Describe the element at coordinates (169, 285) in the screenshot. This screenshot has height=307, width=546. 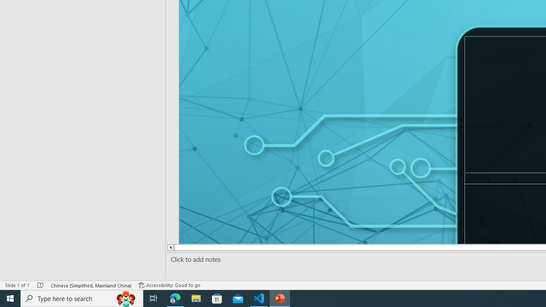
I see `'Accessibility Checker Accessibility: Good to go'` at that location.